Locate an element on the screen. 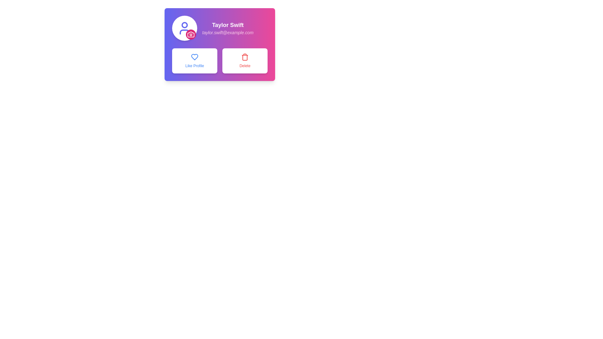  the main body of the trash can icon, which is part of the 'Delete' button located to the right of the 'Like Profile' button is located at coordinates (244, 58).